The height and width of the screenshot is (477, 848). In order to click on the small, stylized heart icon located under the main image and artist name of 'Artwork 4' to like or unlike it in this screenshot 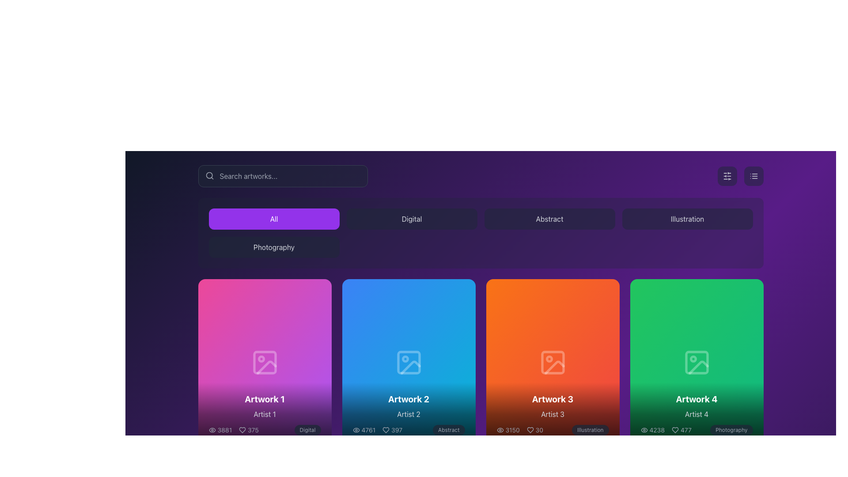, I will do `click(675, 429)`.